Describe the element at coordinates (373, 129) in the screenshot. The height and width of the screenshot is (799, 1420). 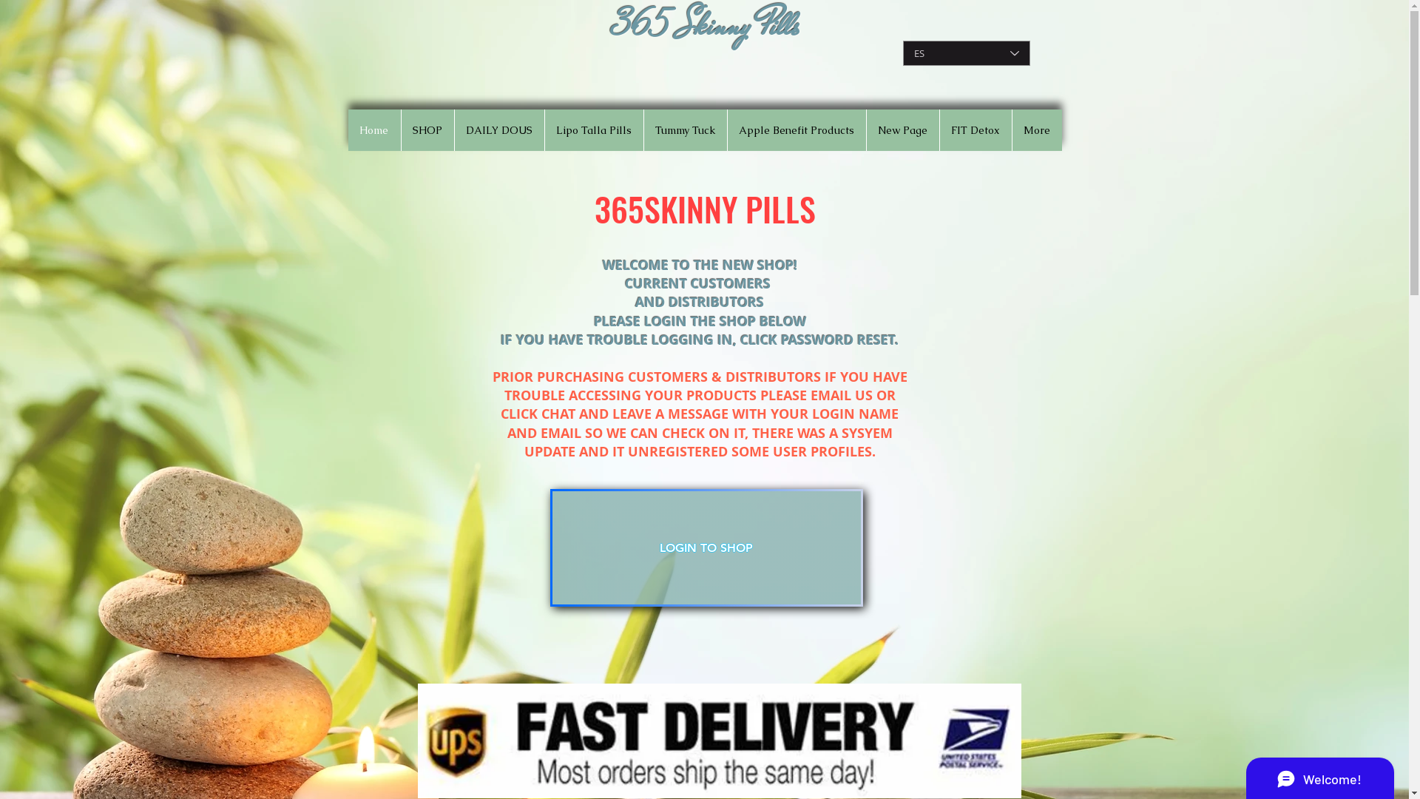
I see `'Home'` at that location.